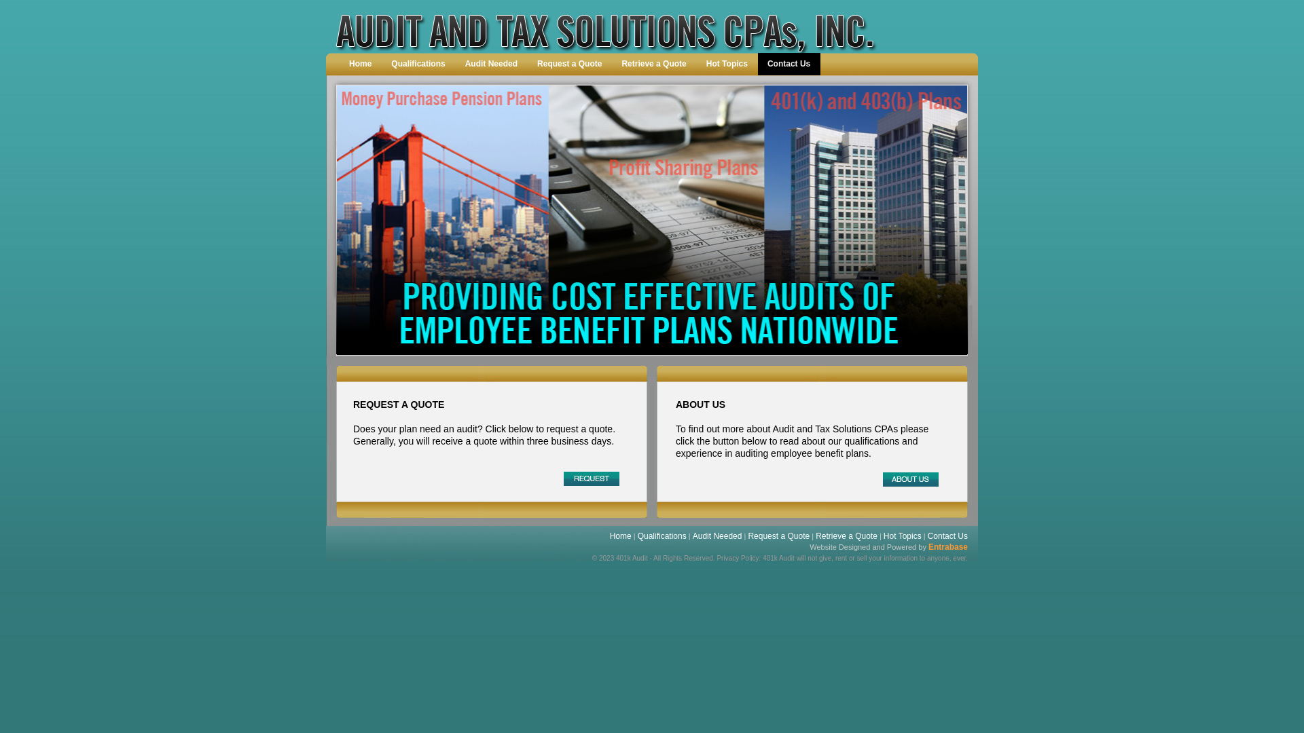 Image resolution: width=1304 pixels, height=733 pixels. Describe the element at coordinates (726, 64) in the screenshot. I see `'Hot Topics'` at that location.